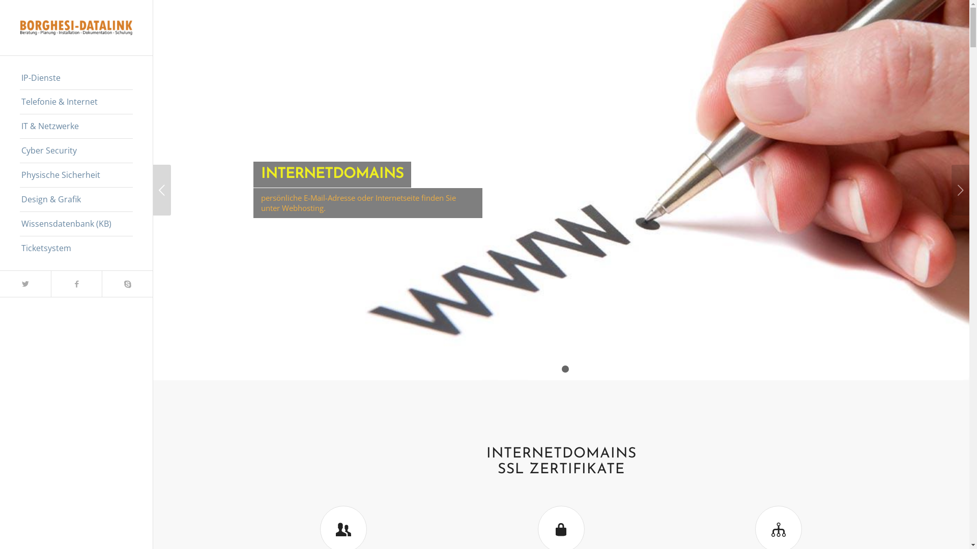 This screenshot has height=549, width=977. I want to click on 'Telefonie & Internet', so click(19, 102).